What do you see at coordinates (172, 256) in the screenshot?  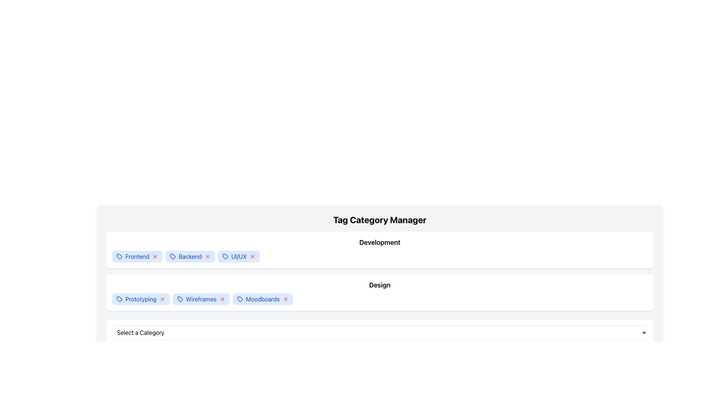 I see `the 'Backend' tag icon, which is an interactive SVG graphic located in the 'Development' section of the interface` at bounding box center [172, 256].